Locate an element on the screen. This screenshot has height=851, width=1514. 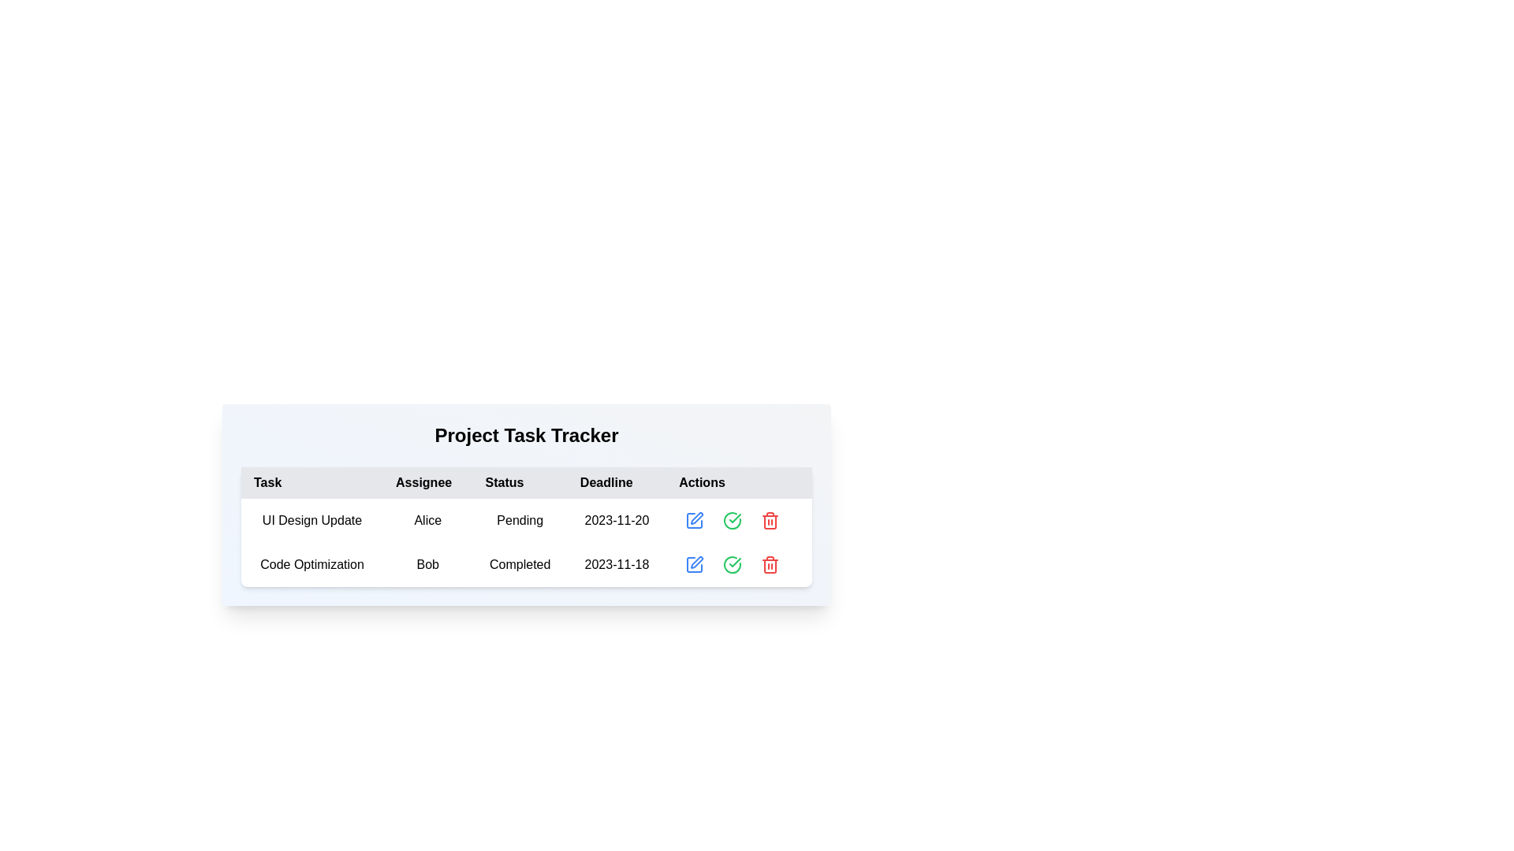
the edit icon located in the 'Actions' column of the second row of the table labeled 'Code Optimization'. This icon is part of a group of interactive icons aligned horizontally at the far right of the row is located at coordinates (738, 564).